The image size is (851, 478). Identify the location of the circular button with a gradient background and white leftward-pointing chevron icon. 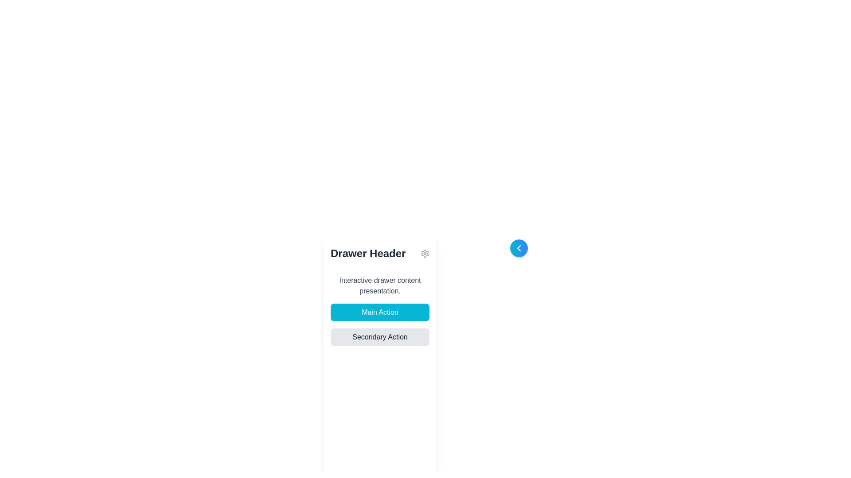
(519, 248).